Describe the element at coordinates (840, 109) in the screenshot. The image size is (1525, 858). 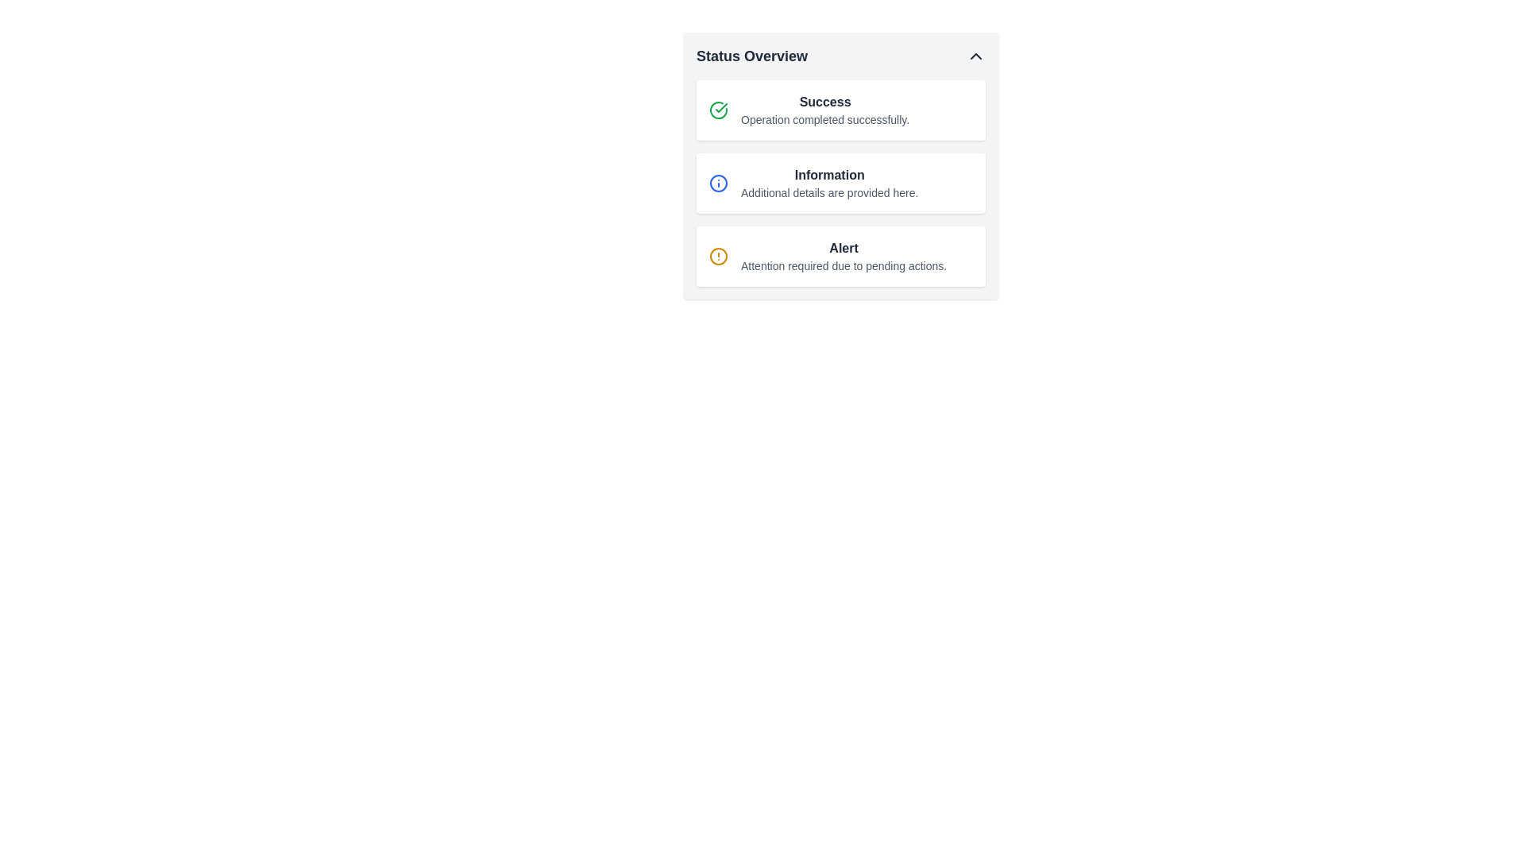
I see `success notification message box located at the top of the vertical stack of message boxes` at that location.